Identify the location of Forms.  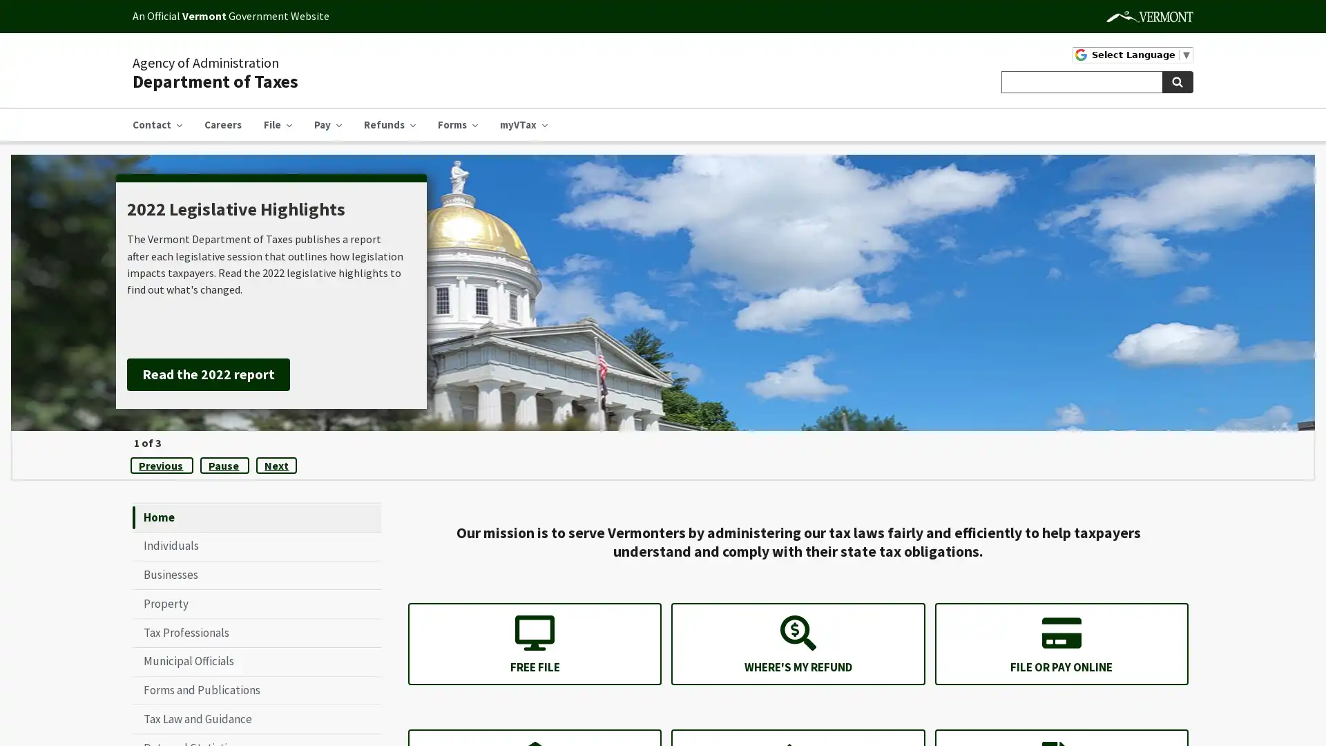
(457, 125).